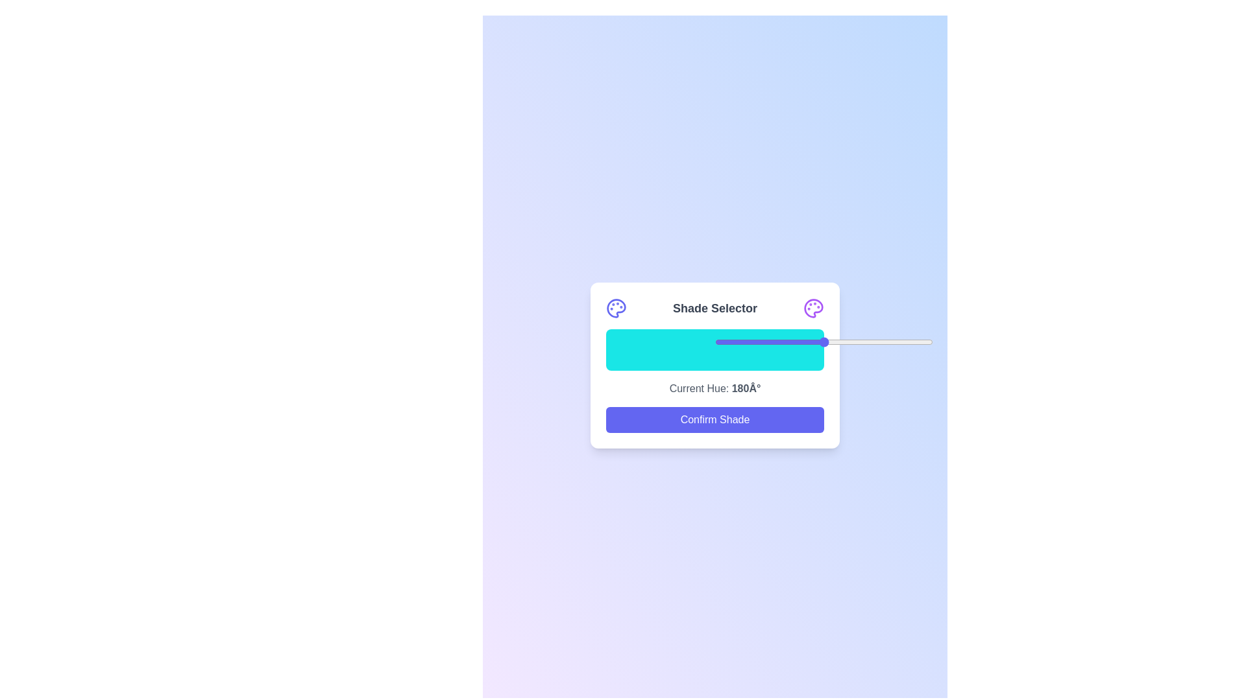 Image resolution: width=1246 pixels, height=700 pixels. Describe the element at coordinates (715, 420) in the screenshot. I see `'Confirm Shade' button to finalize the selected shade` at that location.